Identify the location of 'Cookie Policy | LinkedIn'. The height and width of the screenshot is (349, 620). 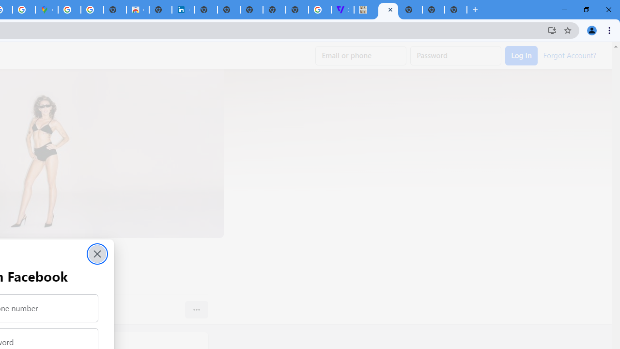
(183, 10).